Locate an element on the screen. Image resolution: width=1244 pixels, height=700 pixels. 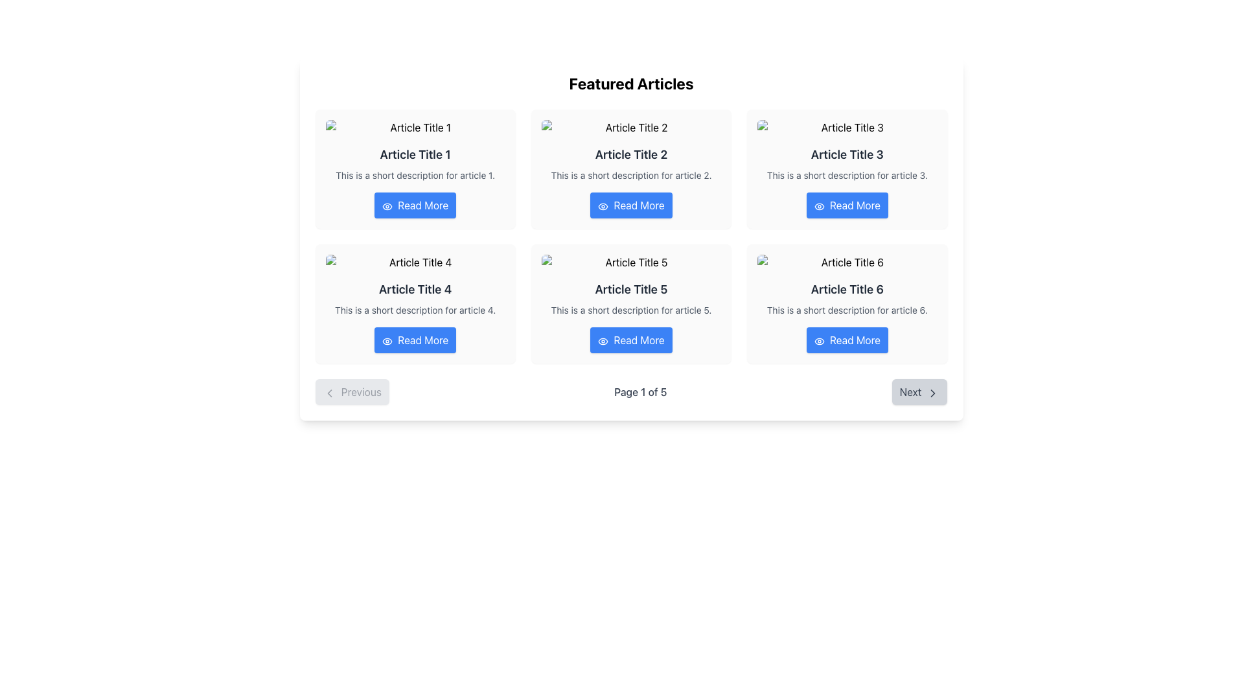
the text label that serves as the title of 'Article Title 6' in the 'Featured Articles' section, located in the third column of the second row is located at coordinates (847, 289).